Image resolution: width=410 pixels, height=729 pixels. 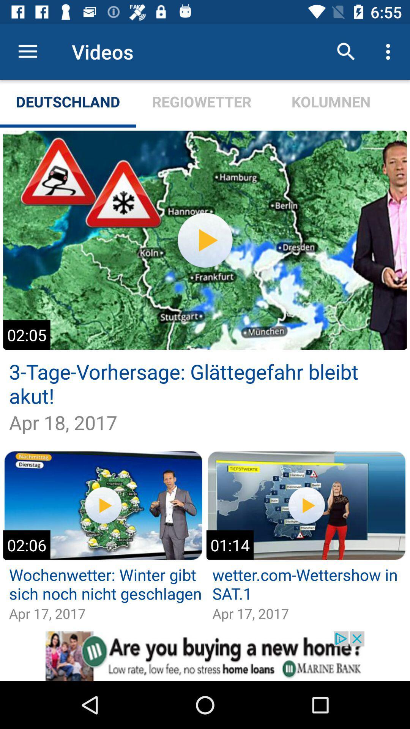 I want to click on open advertisement, so click(x=205, y=656).